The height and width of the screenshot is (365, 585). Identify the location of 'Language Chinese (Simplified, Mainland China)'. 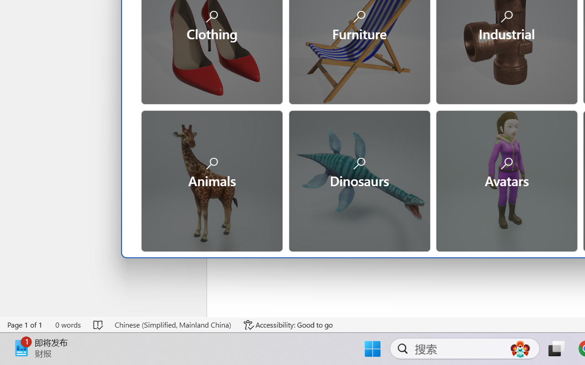
(173, 324).